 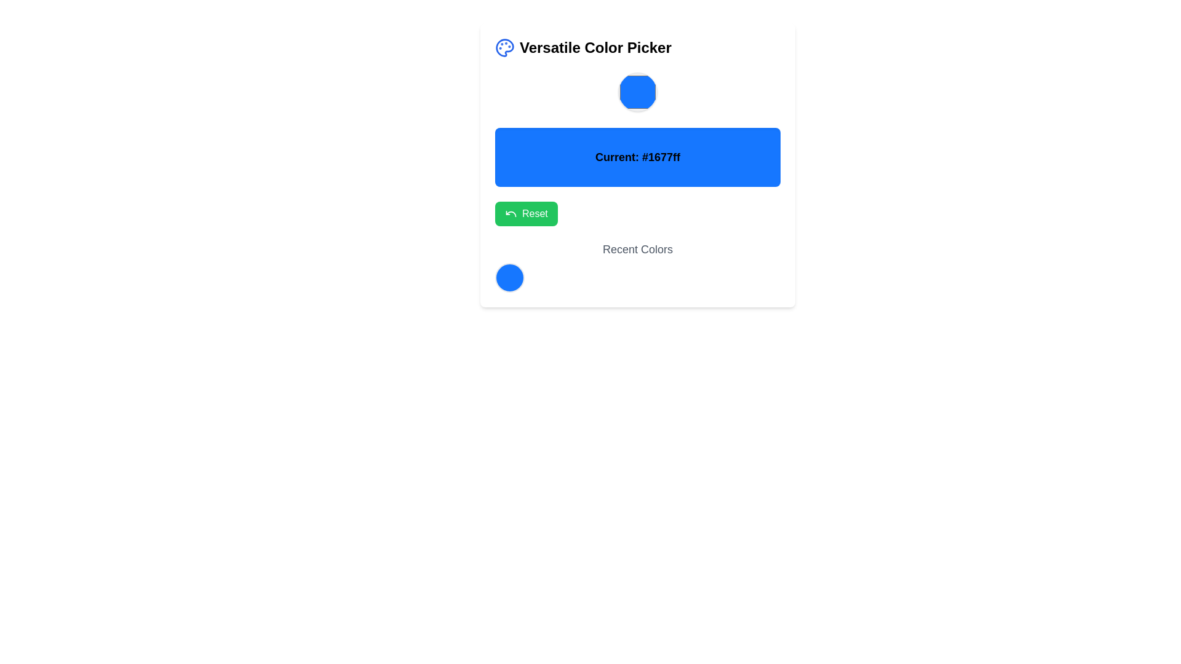 What do you see at coordinates (637, 165) in the screenshot?
I see `the label displaying the currently selected color code '#1677ff' in the 'Versatile Color Picker' section` at bounding box center [637, 165].